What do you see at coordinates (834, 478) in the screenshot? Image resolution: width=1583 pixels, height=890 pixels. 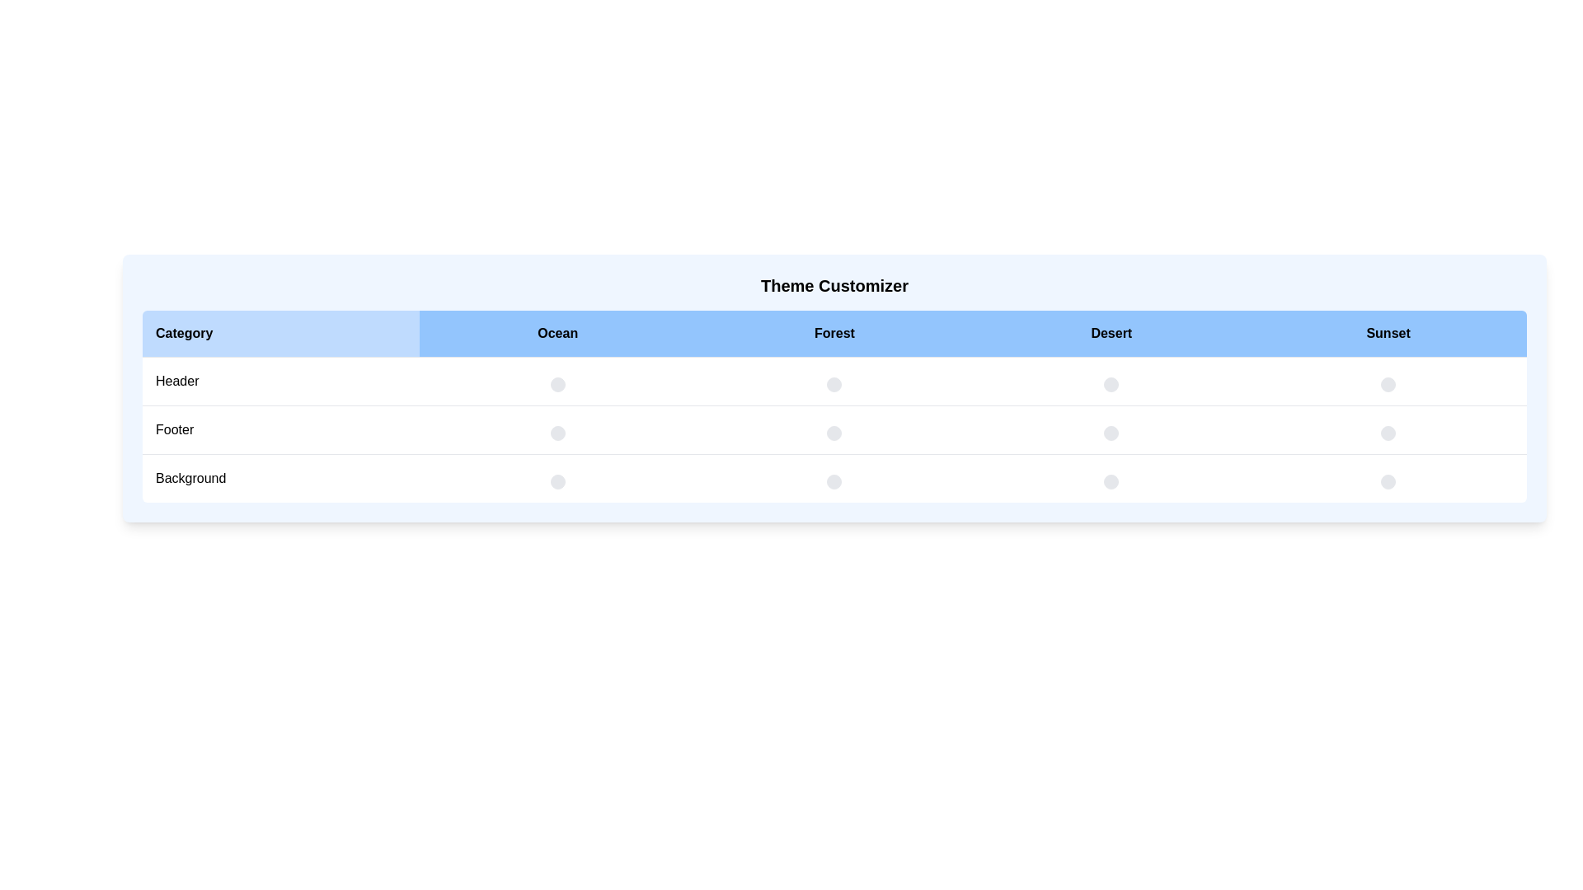 I see `the third cell in the 'Background' row of the grid layout, which has a white background and is aligned under the 'Forest' category` at bounding box center [834, 478].